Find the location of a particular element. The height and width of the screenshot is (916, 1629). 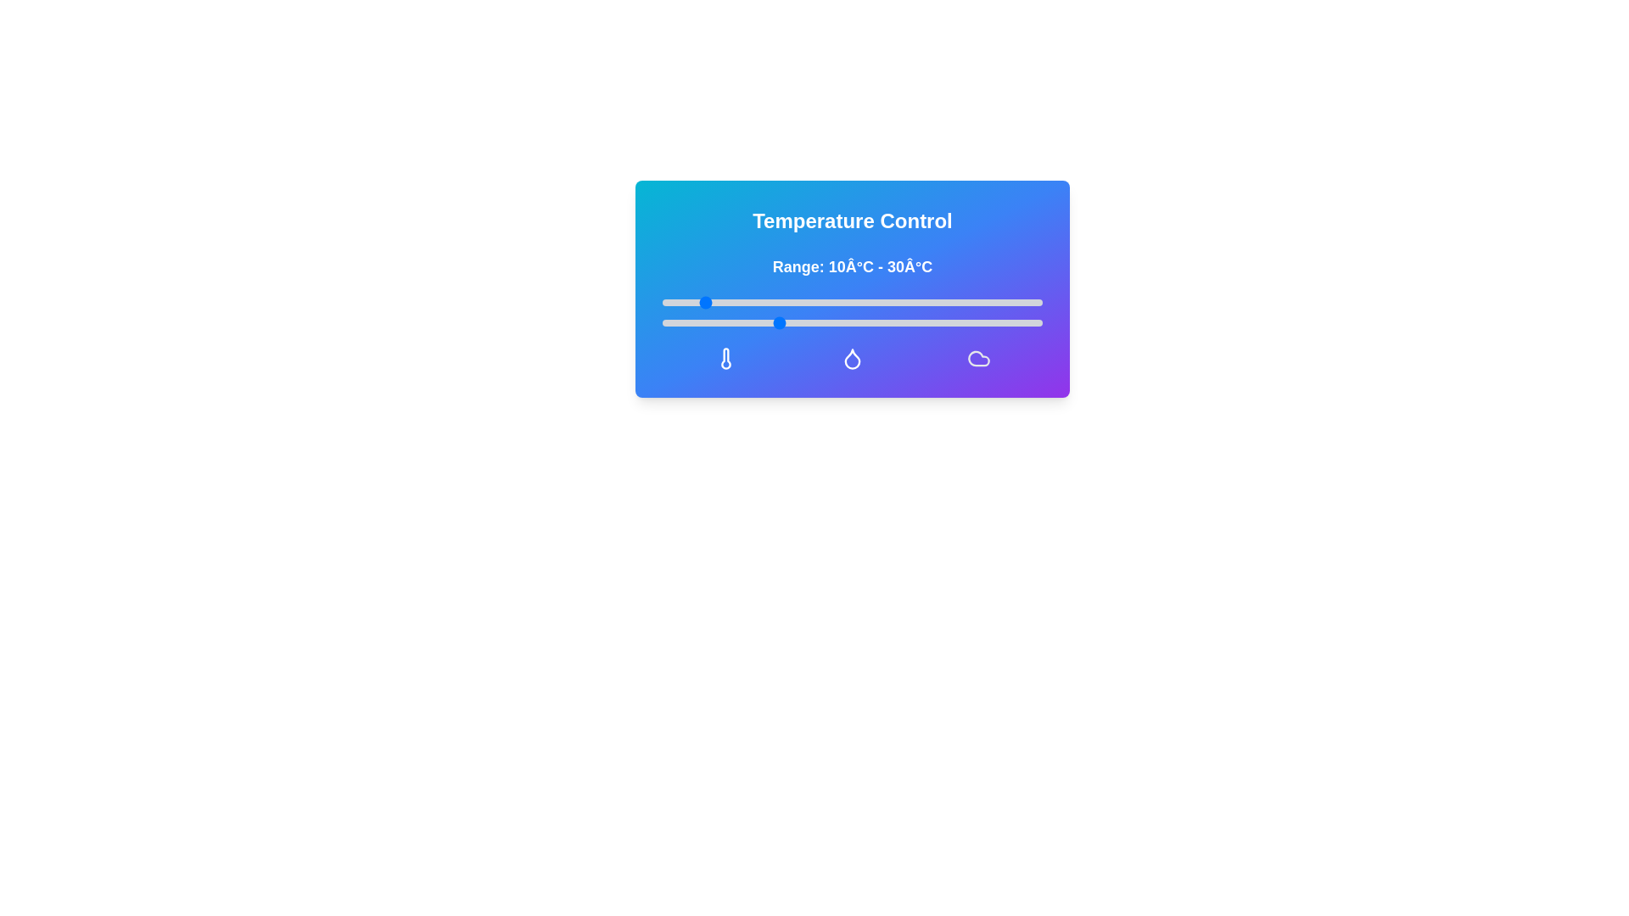

the droplet icon representing a water-level indicator or humidity control option is located at coordinates (851, 358).